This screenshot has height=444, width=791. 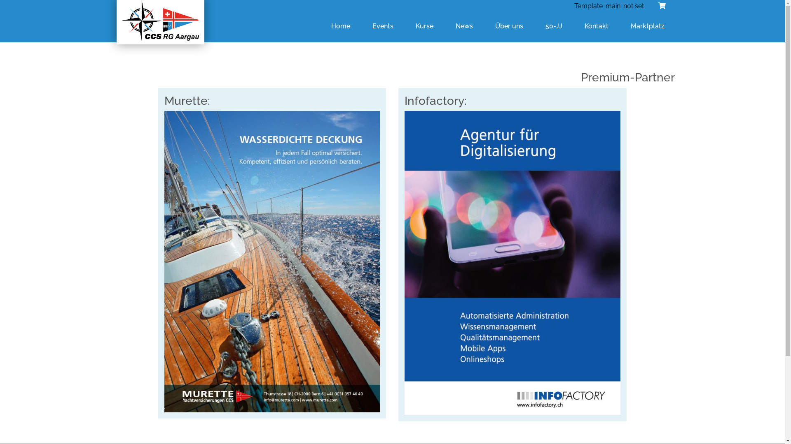 What do you see at coordinates (424, 25) in the screenshot?
I see `'Kurse'` at bounding box center [424, 25].